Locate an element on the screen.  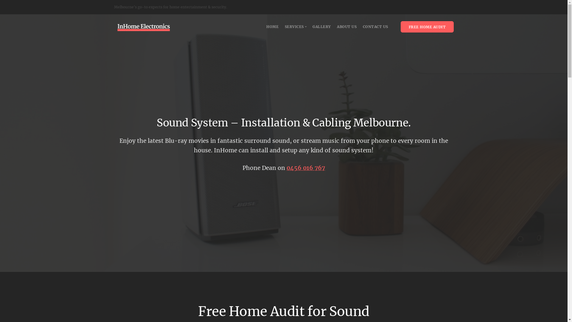
'FREE HOME AUDIT' is located at coordinates (427, 26).